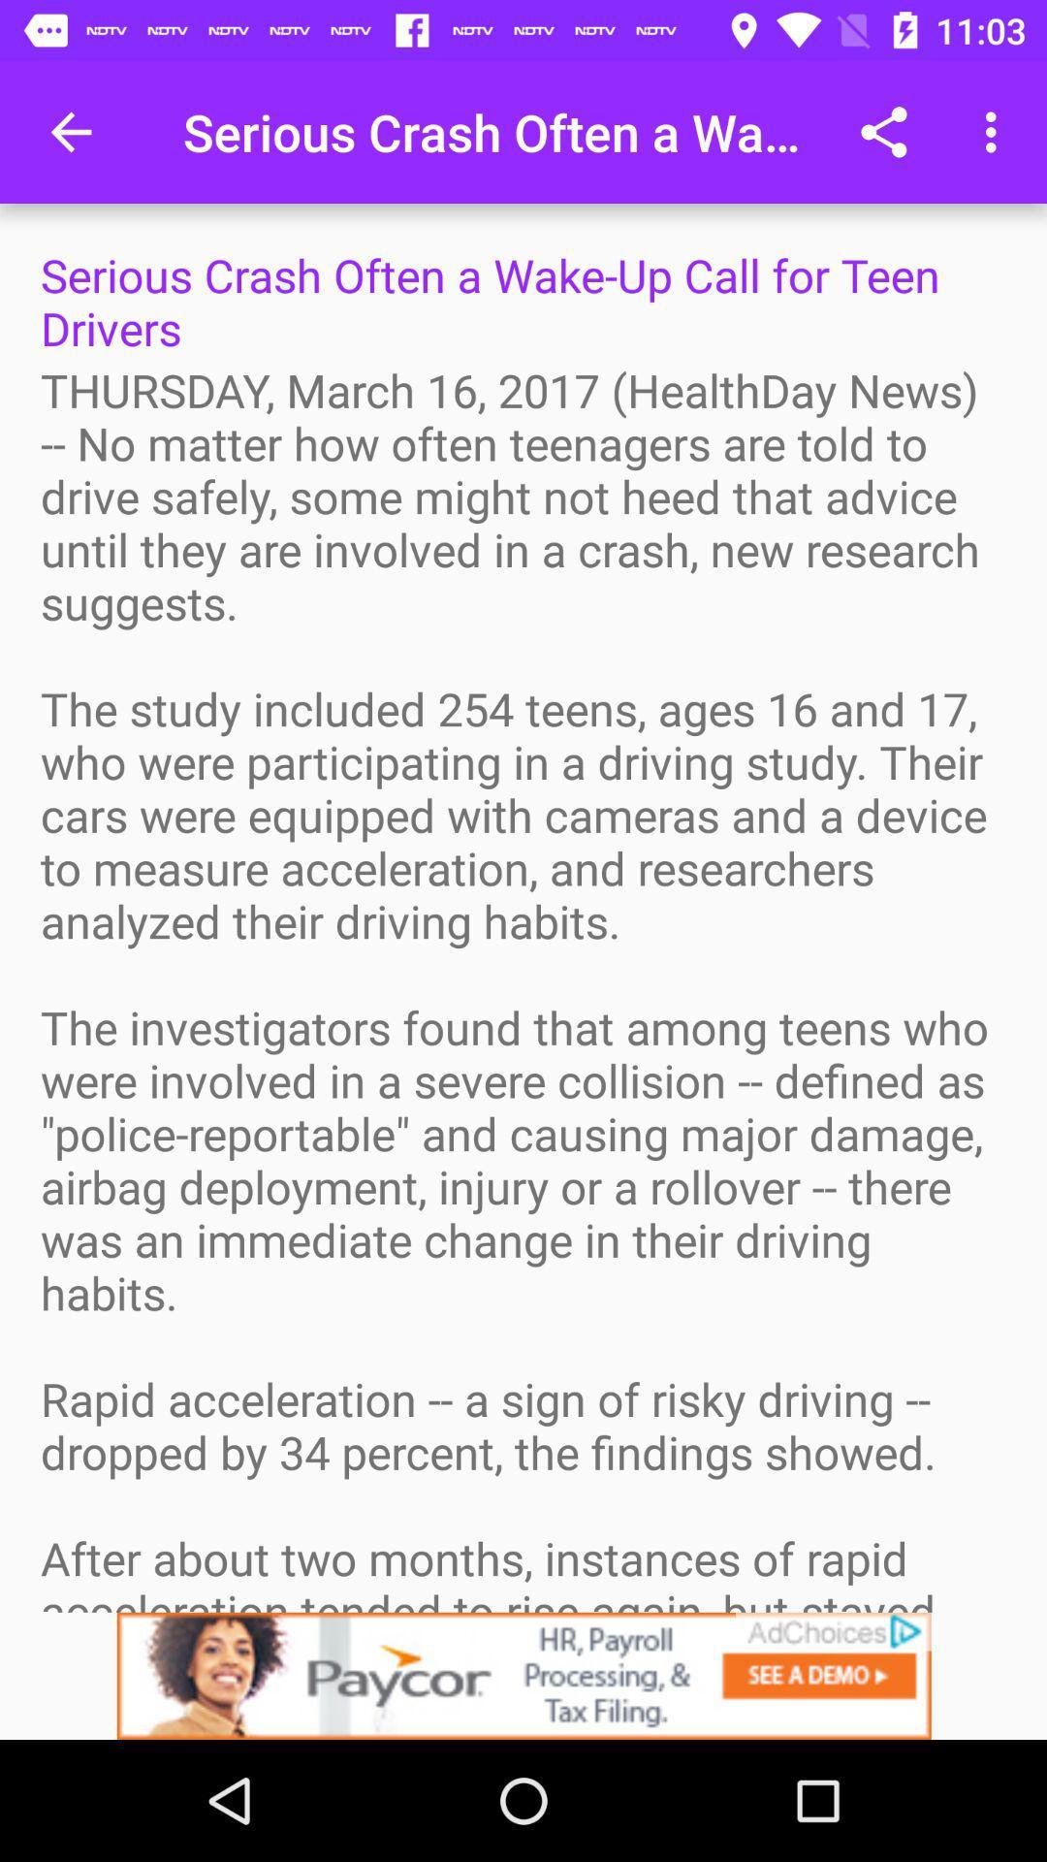 The image size is (1047, 1862). I want to click on advertisement, so click(523, 1675).